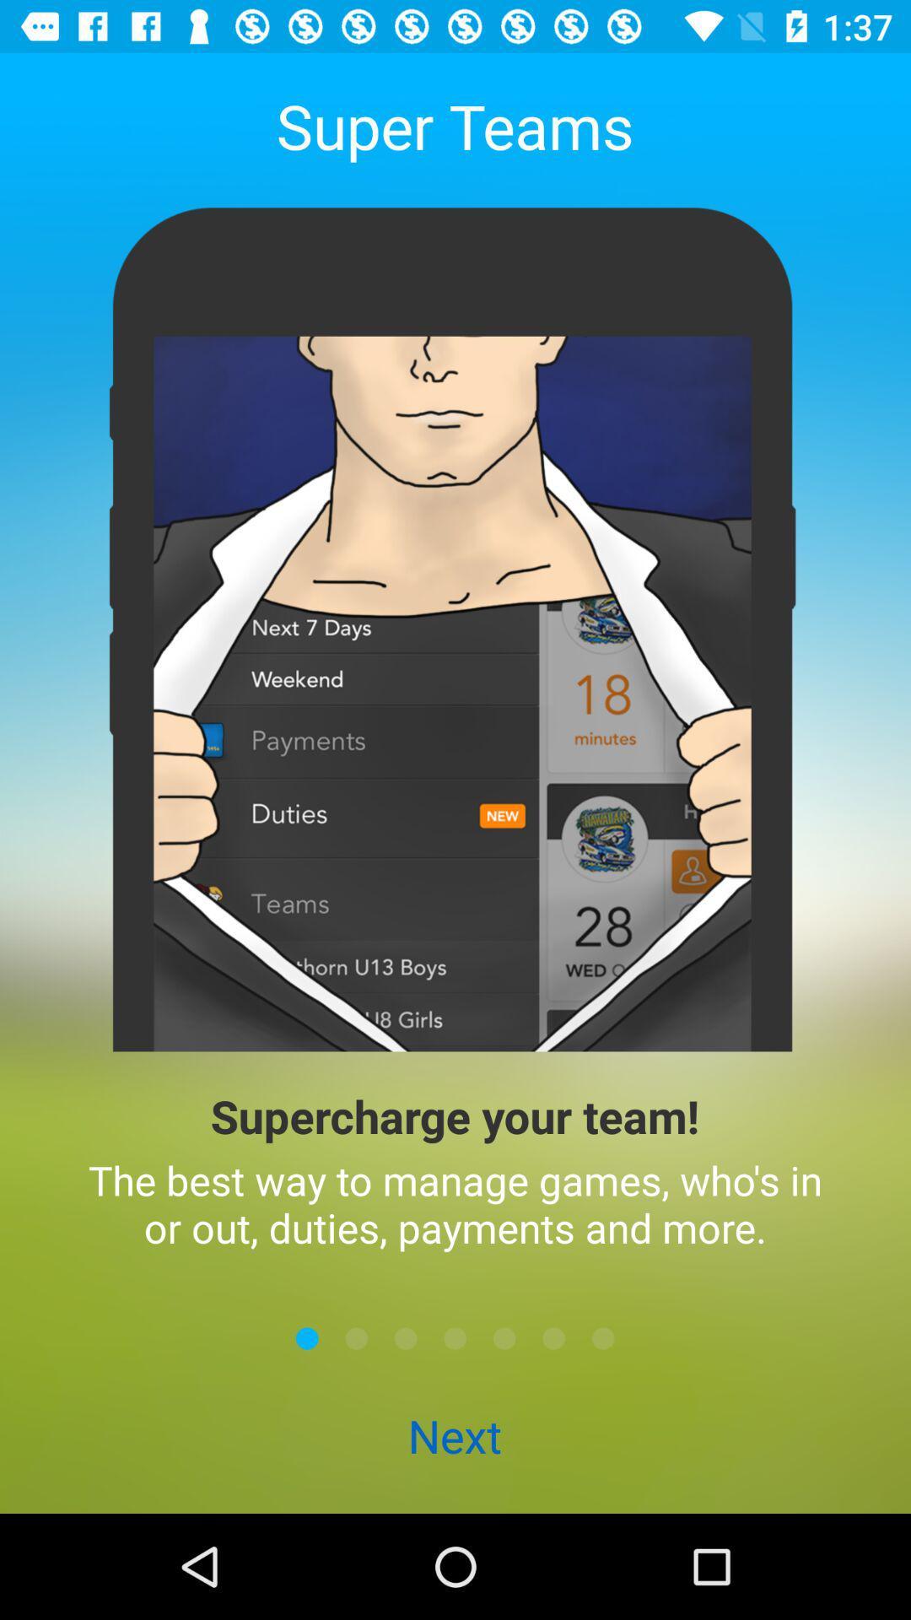 This screenshot has height=1620, width=911. I want to click on the icon above next icon, so click(406, 1337).